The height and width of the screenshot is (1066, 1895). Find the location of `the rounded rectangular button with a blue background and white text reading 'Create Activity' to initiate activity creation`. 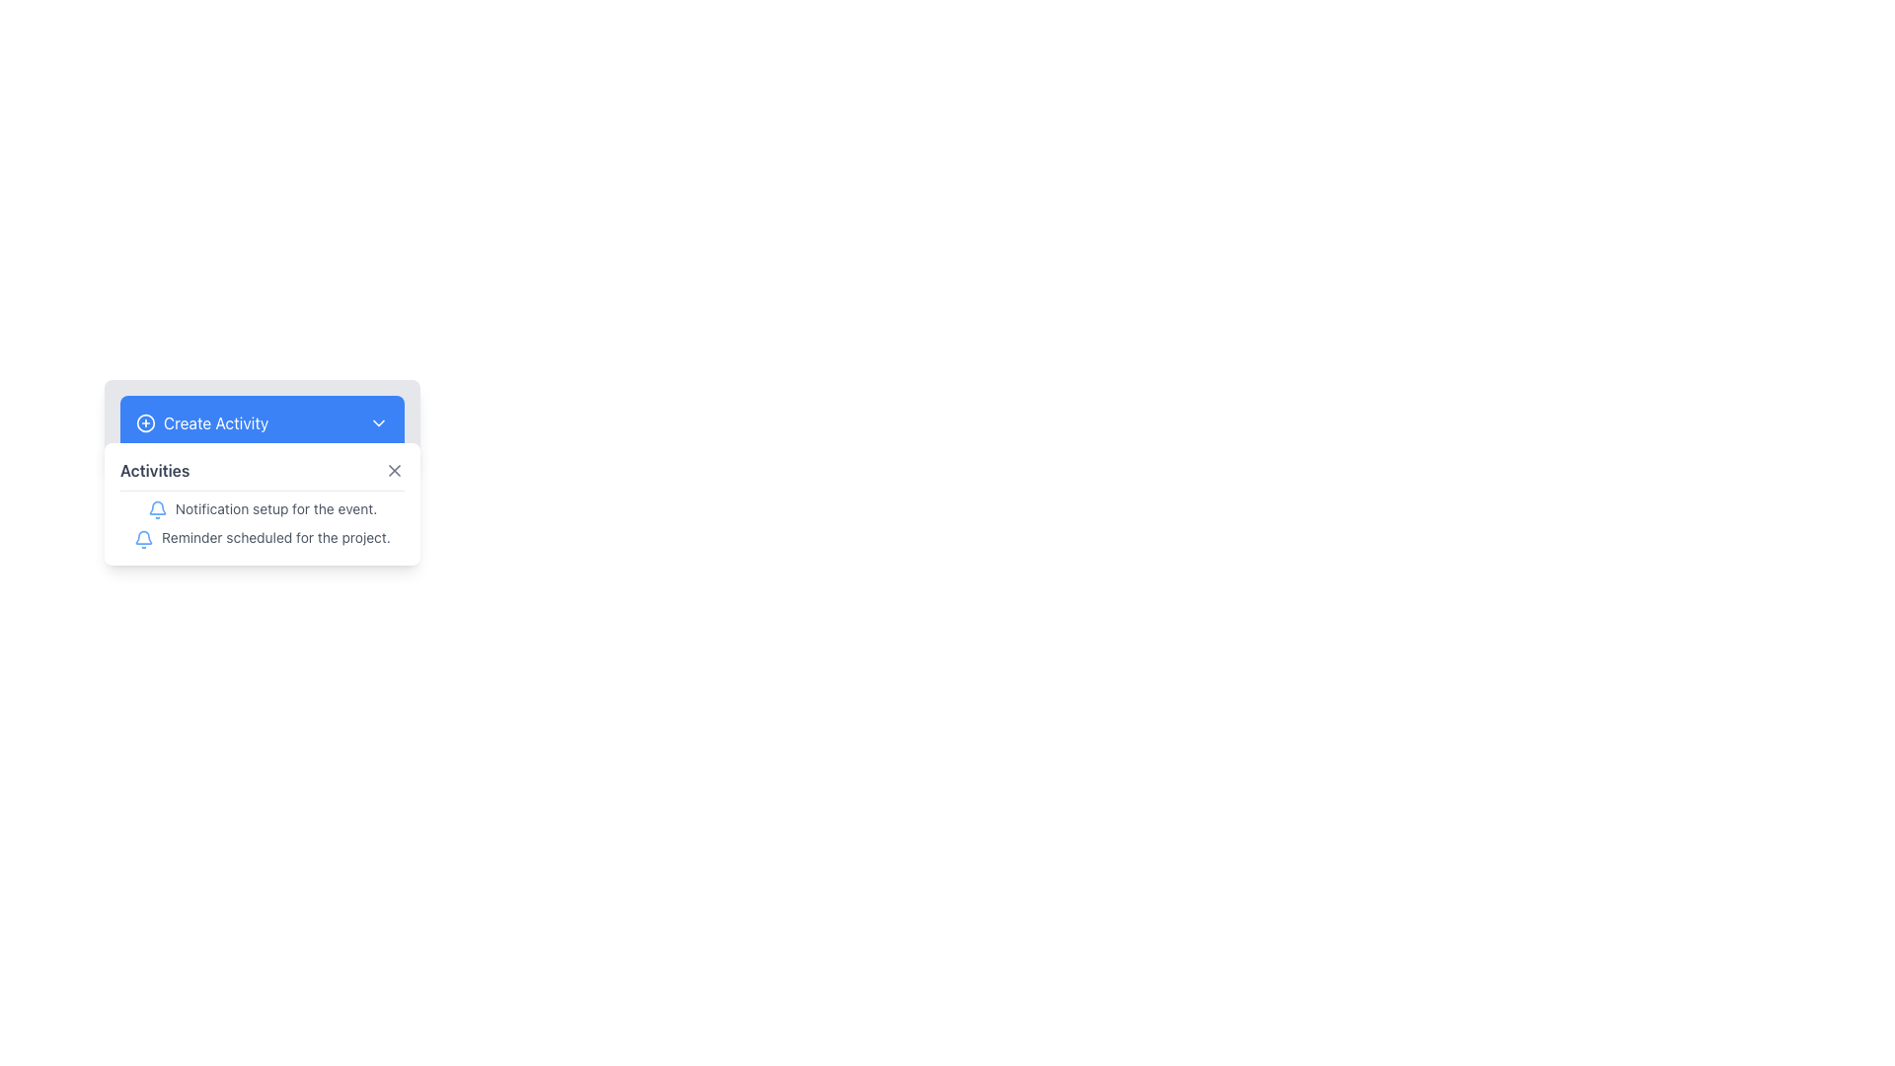

the rounded rectangular button with a blue background and white text reading 'Create Activity' to initiate activity creation is located at coordinates (261, 421).